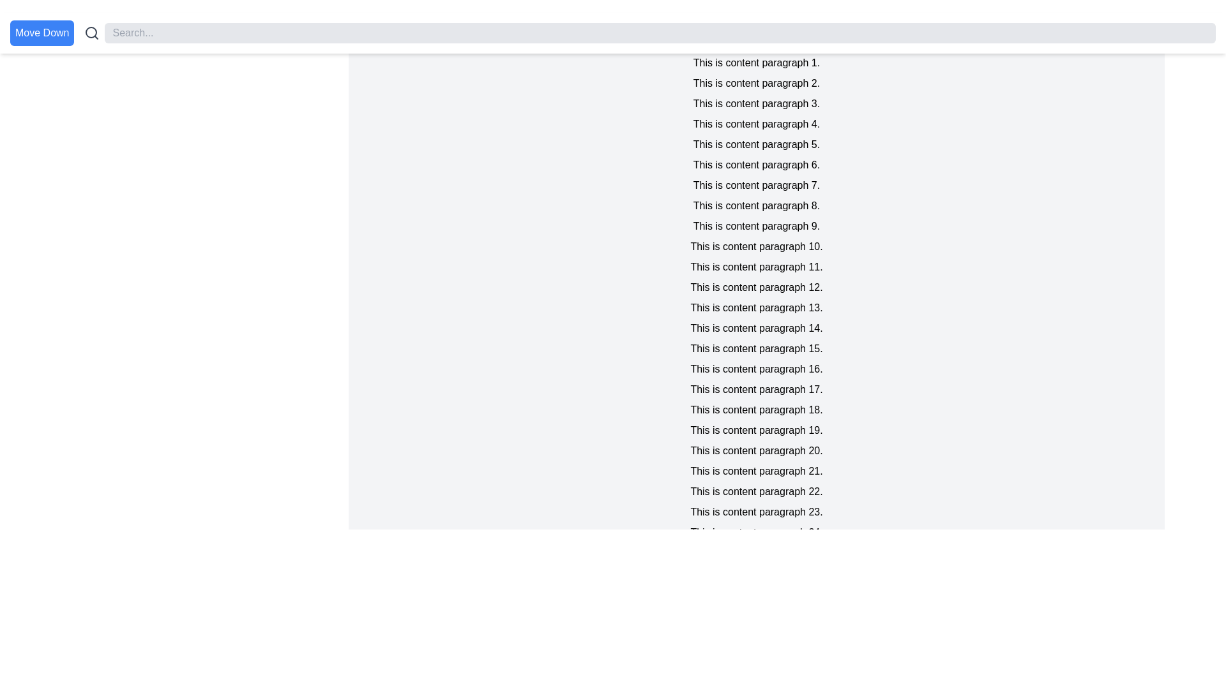  I want to click on the static text element displaying 'This is content paragraph 16.' which is the sixteenth paragraph in a vertically stacked list of similar paragraphs, so click(757, 369).